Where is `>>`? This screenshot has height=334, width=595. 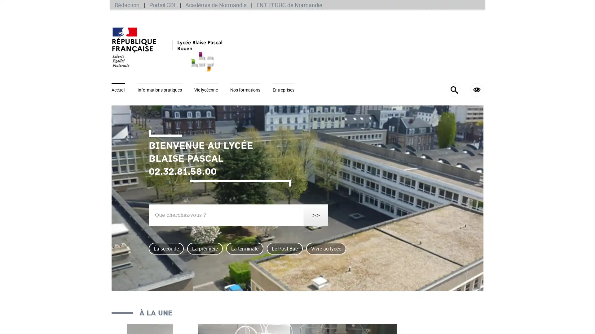
>> is located at coordinates (315, 215).